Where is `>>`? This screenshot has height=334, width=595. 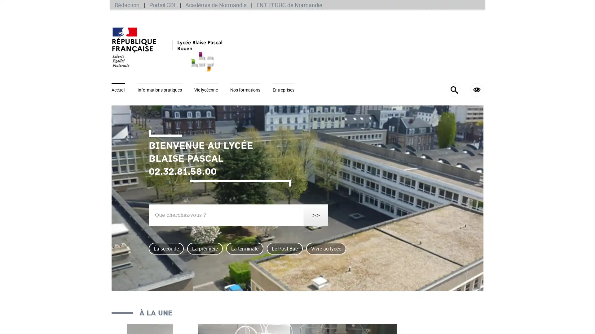
>> is located at coordinates (315, 215).